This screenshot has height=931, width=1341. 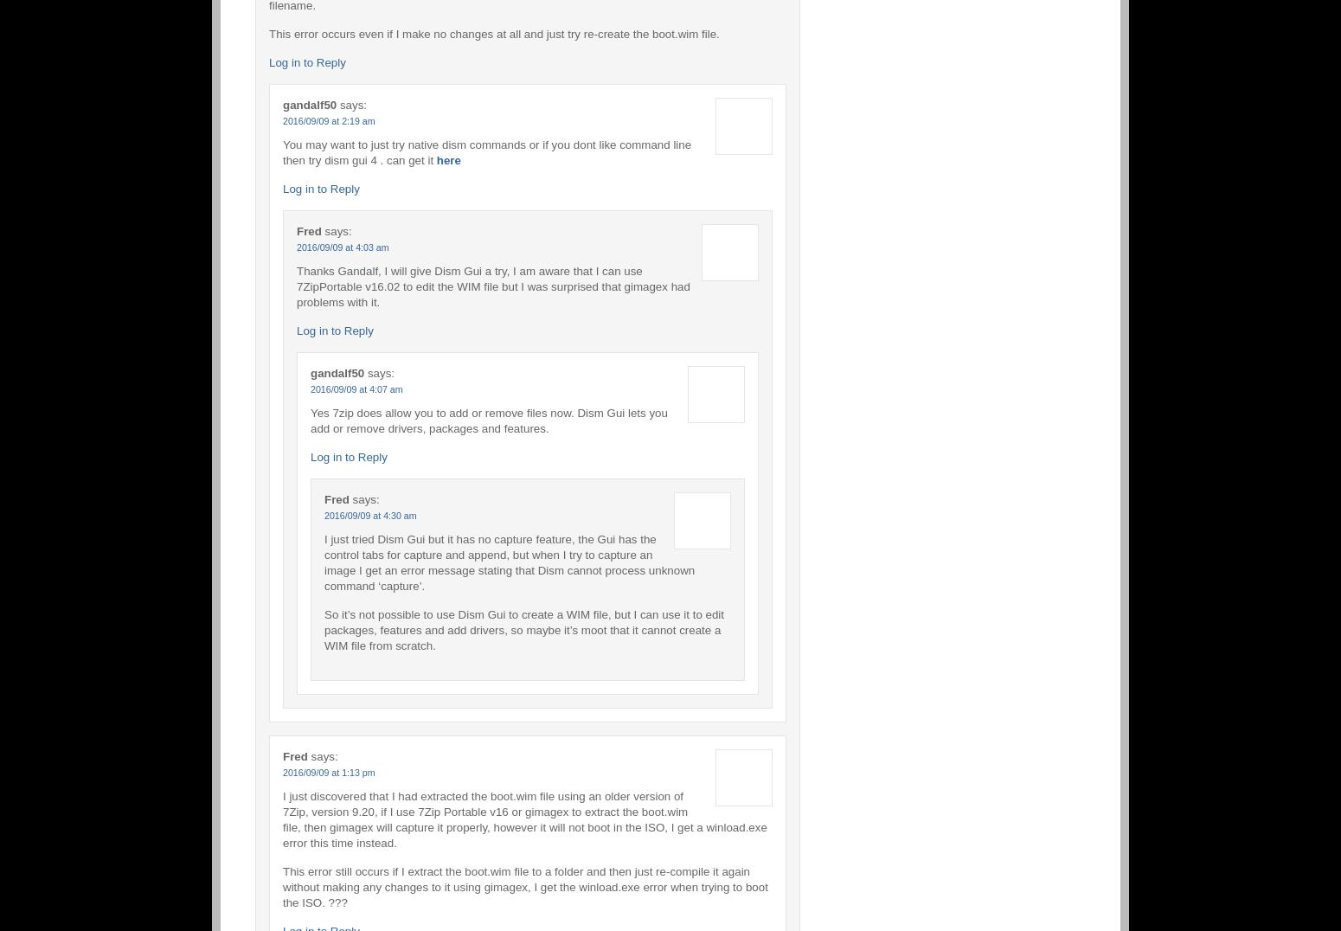 What do you see at coordinates (356, 388) in the screenshot?
I see `'2016/09/09 at 4:07 am'` at bounding box center [356, 388].